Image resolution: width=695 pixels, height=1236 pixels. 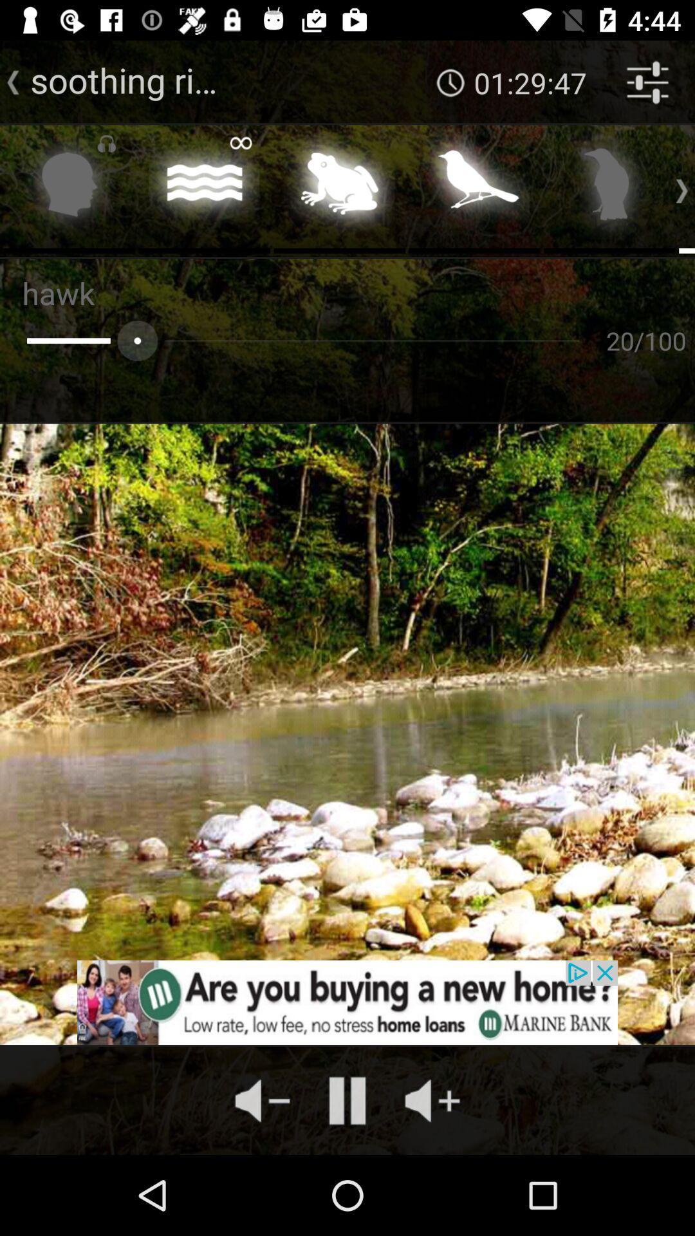 What do you see at coordinates (474, 187) in the screenshot?
I see `bird sounds` at bounding box center [474, 187].